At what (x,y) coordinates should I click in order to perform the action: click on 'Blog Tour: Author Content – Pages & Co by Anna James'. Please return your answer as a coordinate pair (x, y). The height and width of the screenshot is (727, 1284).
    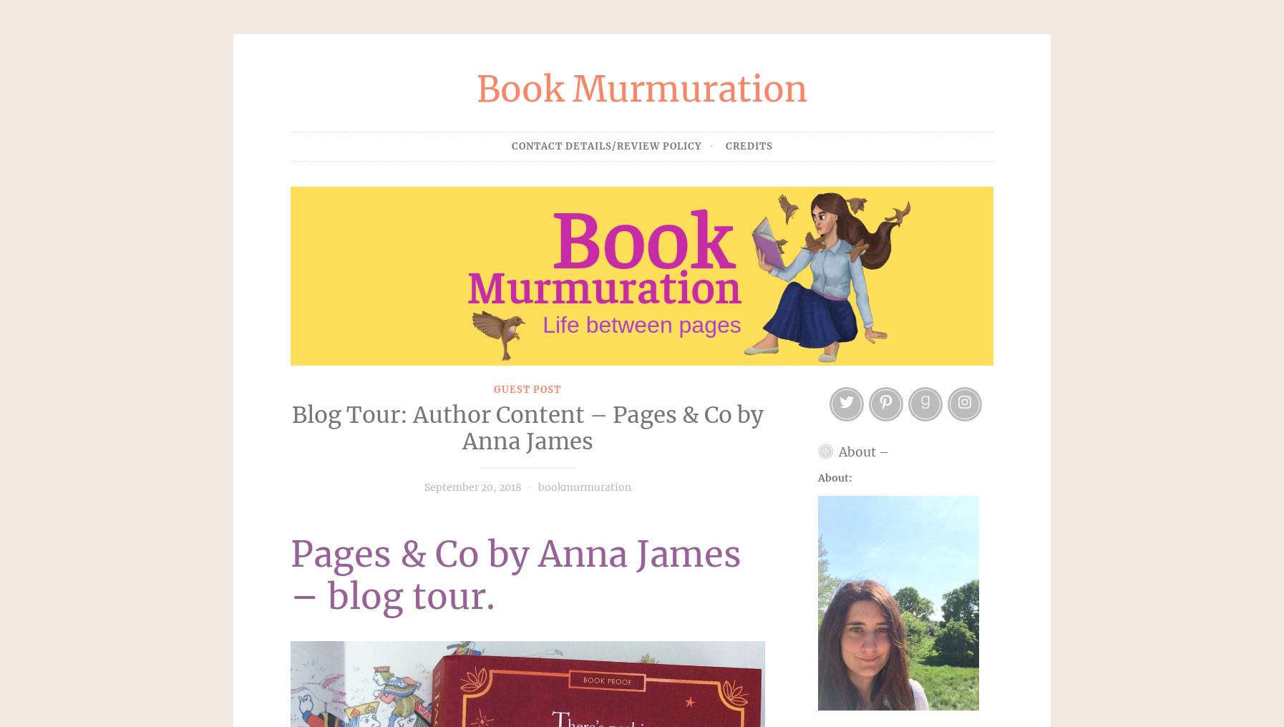
    Looking at the image, I should click on (527, 428).